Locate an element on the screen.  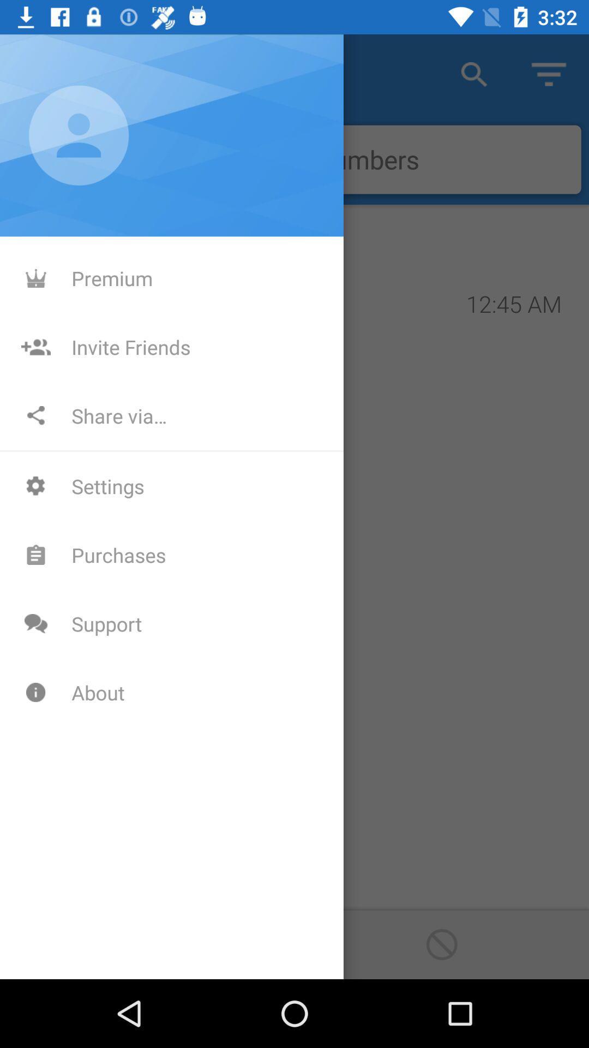
the profile icon which is above the premium is located at coordinates (78, 135).